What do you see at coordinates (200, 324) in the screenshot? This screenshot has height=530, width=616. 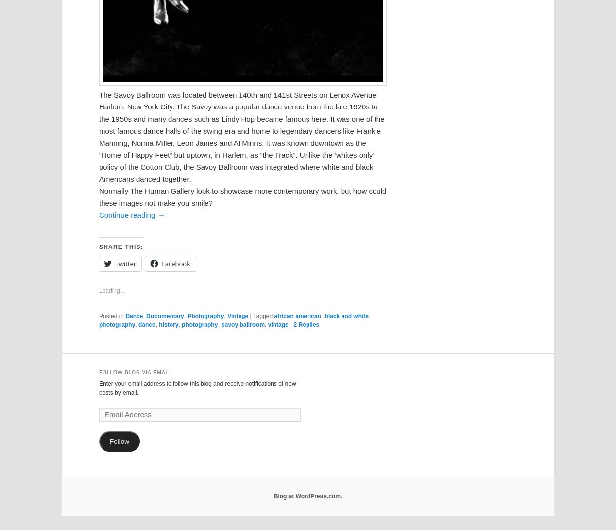 I see `'photography'` at bounding box center [200, 324].